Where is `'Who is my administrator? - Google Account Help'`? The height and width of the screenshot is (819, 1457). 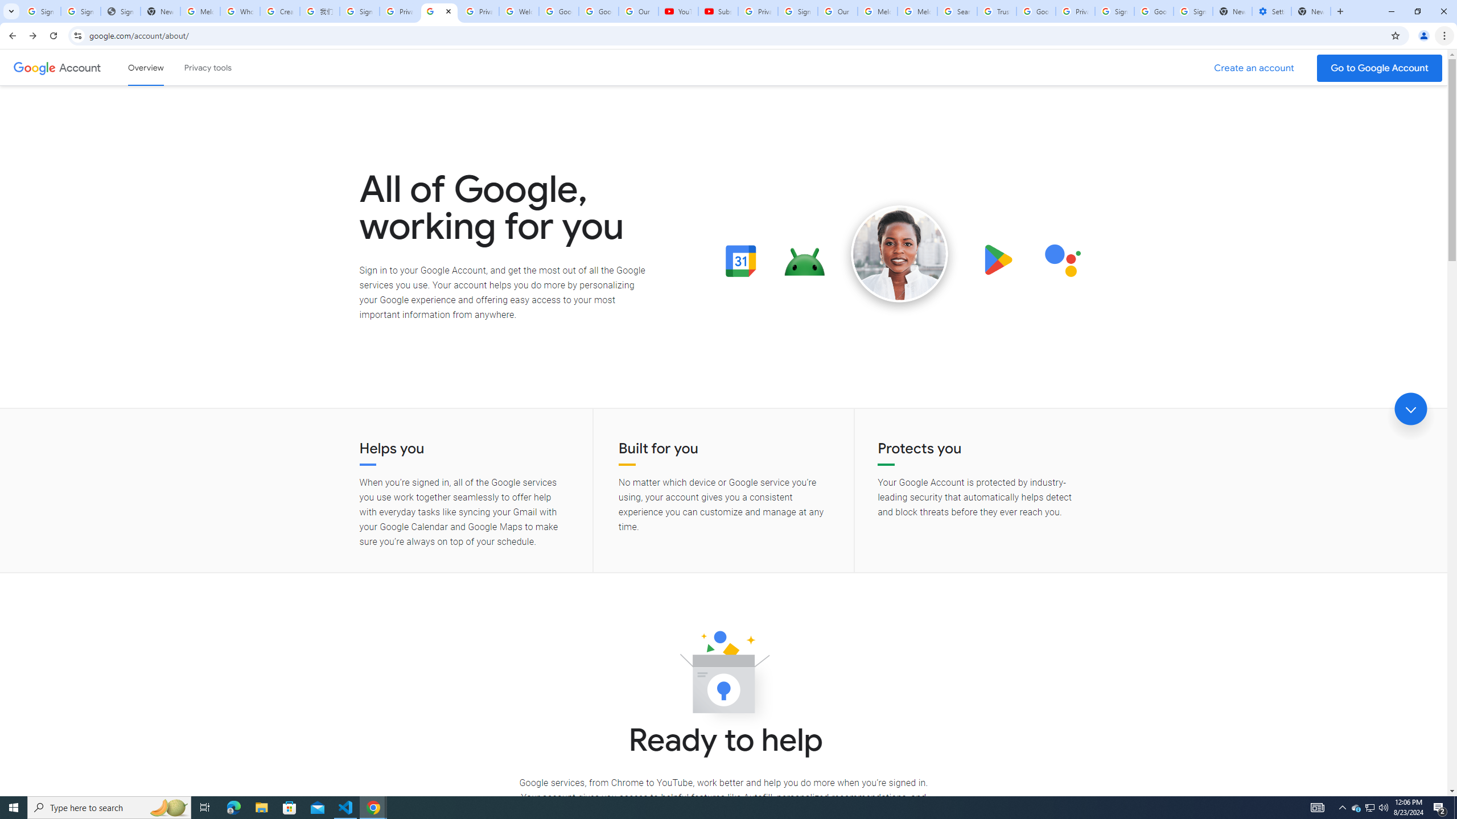
'Who is my administrator? - Google Account Help' is located at coordinates (240, 11).